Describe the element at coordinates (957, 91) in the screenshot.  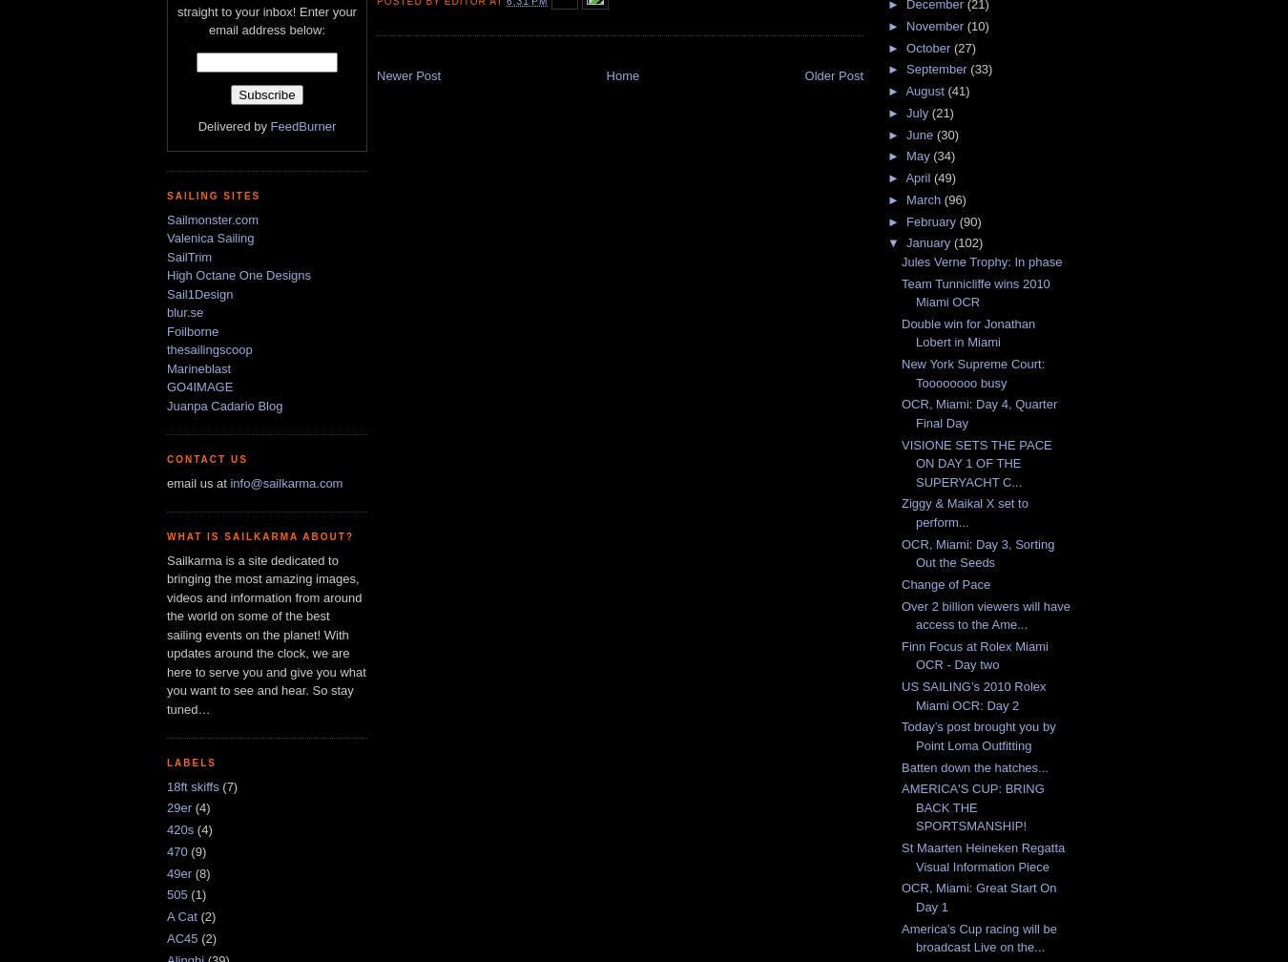
I see `'(41)'` at that location.